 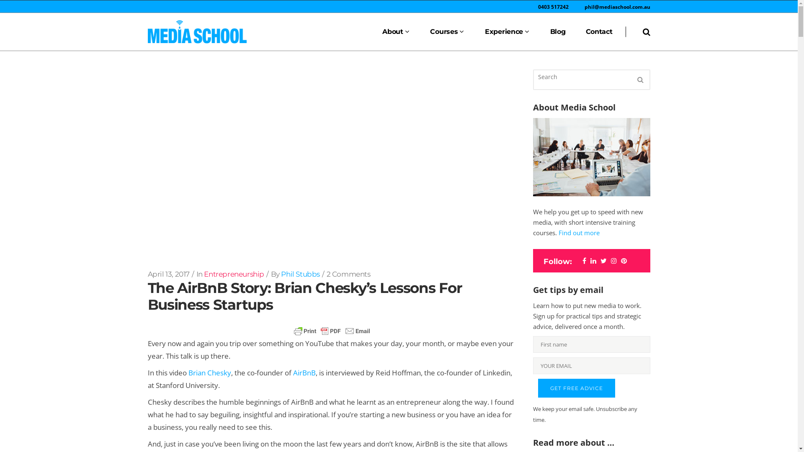 I want to click on 'Courses', so click(x=447, y=31).